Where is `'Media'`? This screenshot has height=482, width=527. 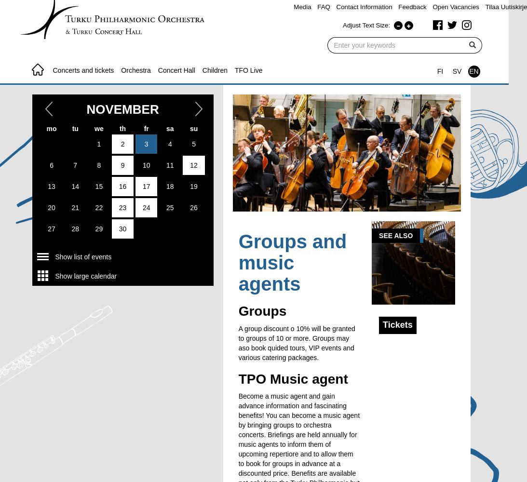 'Media' is located at coordinates (302, 7).